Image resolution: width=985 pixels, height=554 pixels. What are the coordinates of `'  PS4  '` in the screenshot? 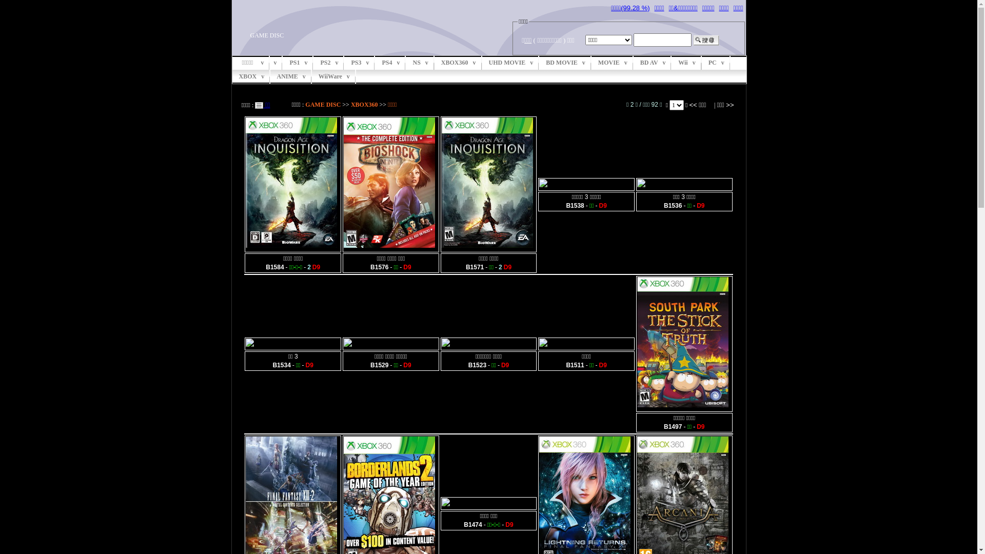 It's located at (390, 63).